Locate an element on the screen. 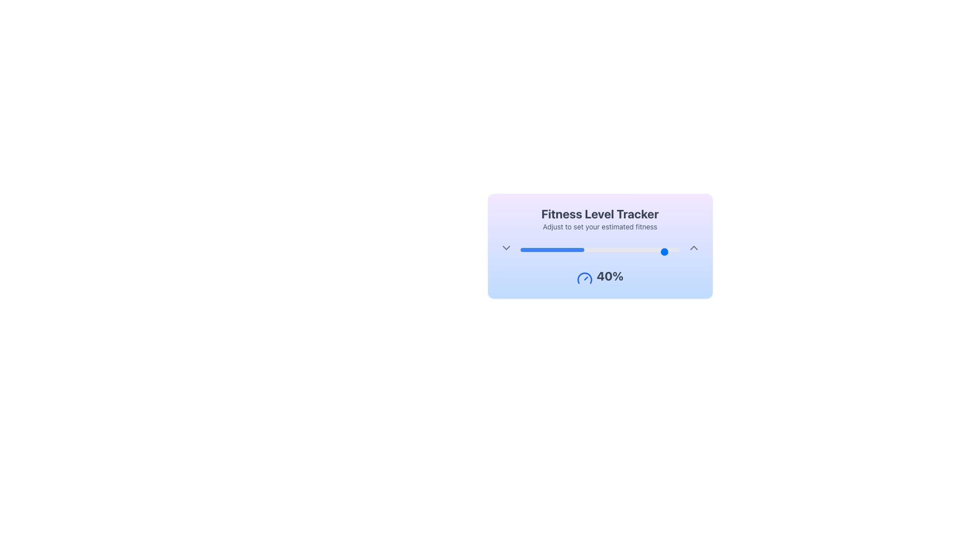  the fitness level is located at coordinates (667, 249).